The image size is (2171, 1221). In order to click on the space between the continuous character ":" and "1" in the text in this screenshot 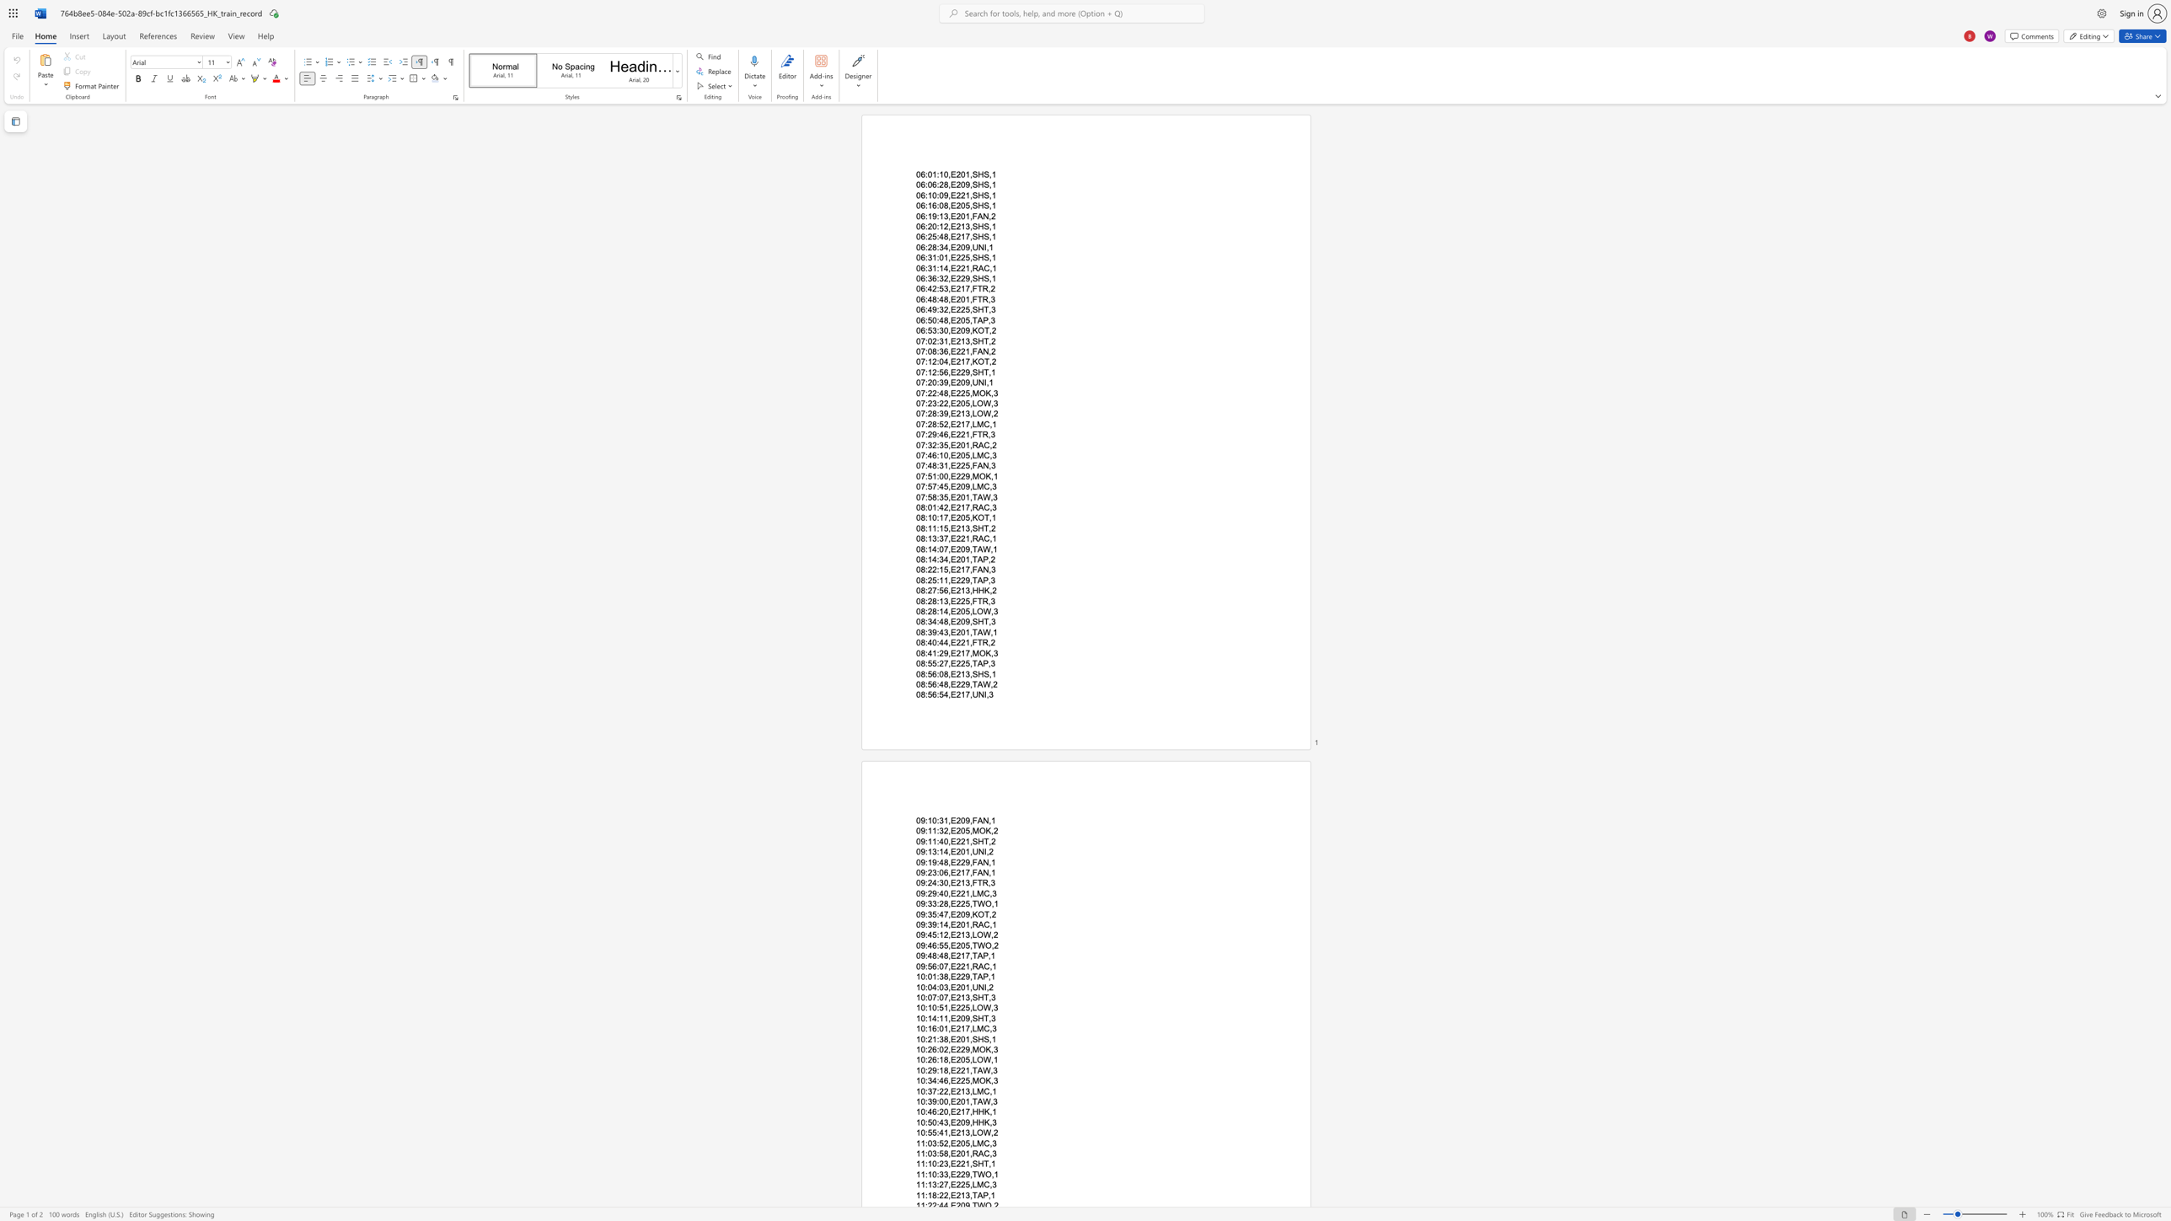, I will do `click(927, 372)`.